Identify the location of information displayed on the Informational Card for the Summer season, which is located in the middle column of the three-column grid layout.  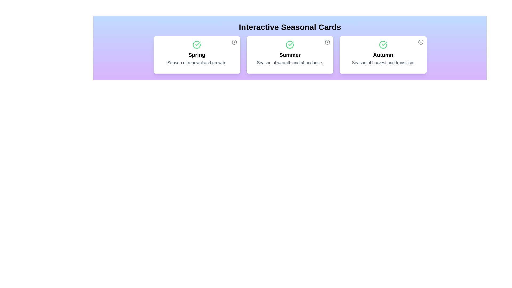
(290, 55).